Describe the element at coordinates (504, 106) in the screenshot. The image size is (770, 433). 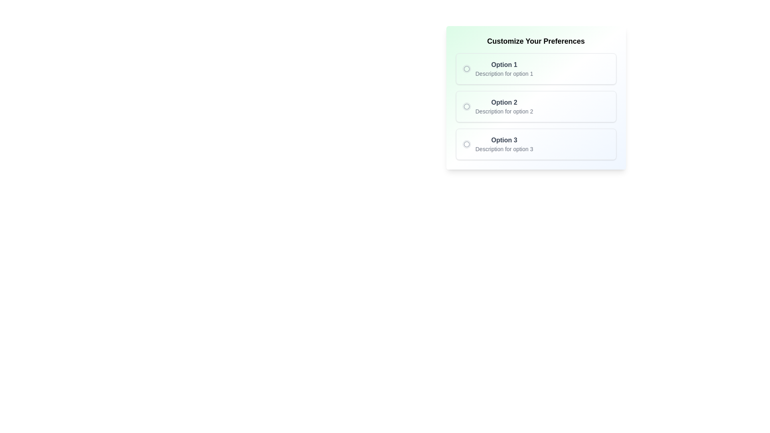
I see `the Text Block that displays the name and description of the second option in the vertical list of options` at that location.